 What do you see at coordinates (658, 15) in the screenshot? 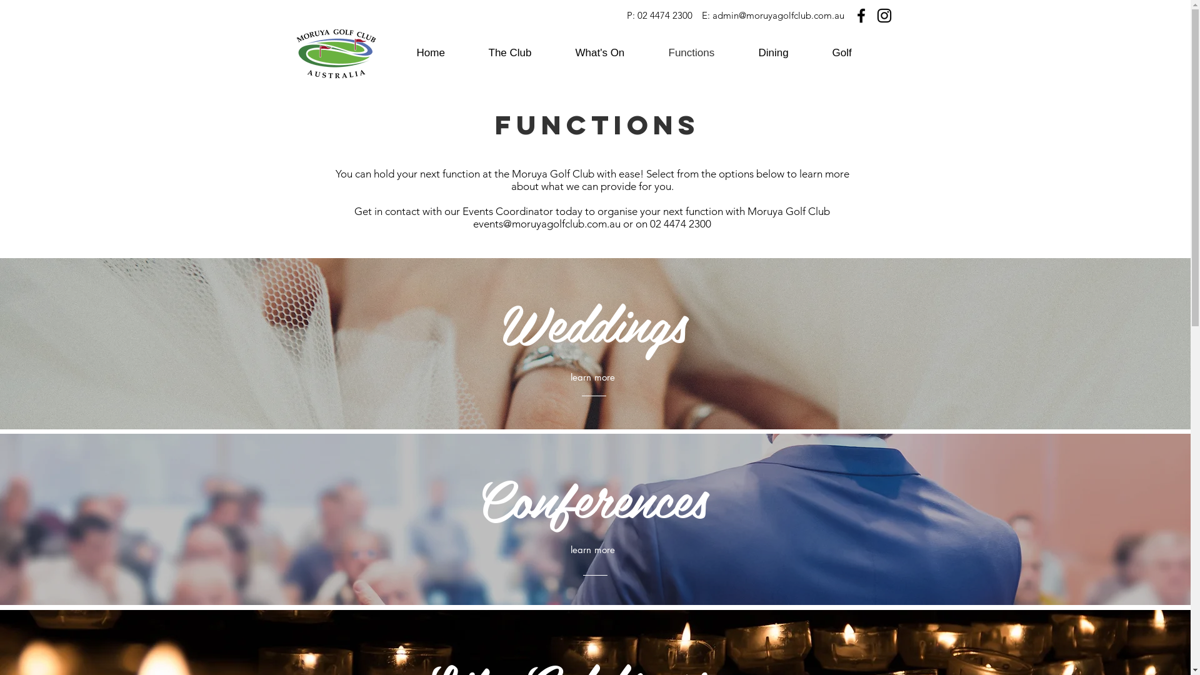
I see `'P: 02 4474 2300'` at bounding box center [658, 15].